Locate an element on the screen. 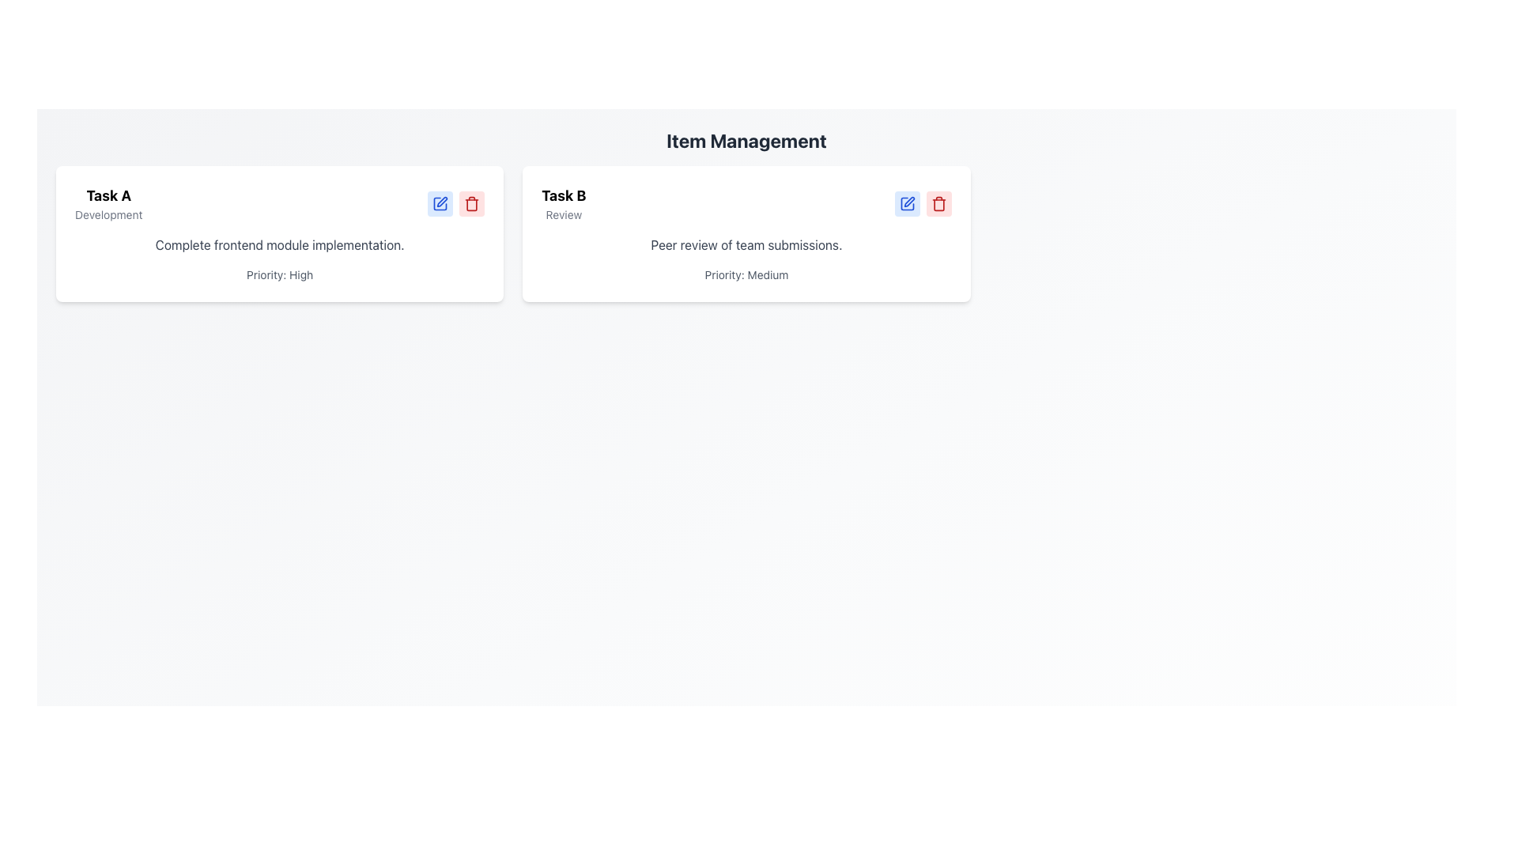 Image resolution: width=1518 pixels, height=854 pixels. the second Interactive Card in the grid layout is located at coordinates (746, 234).